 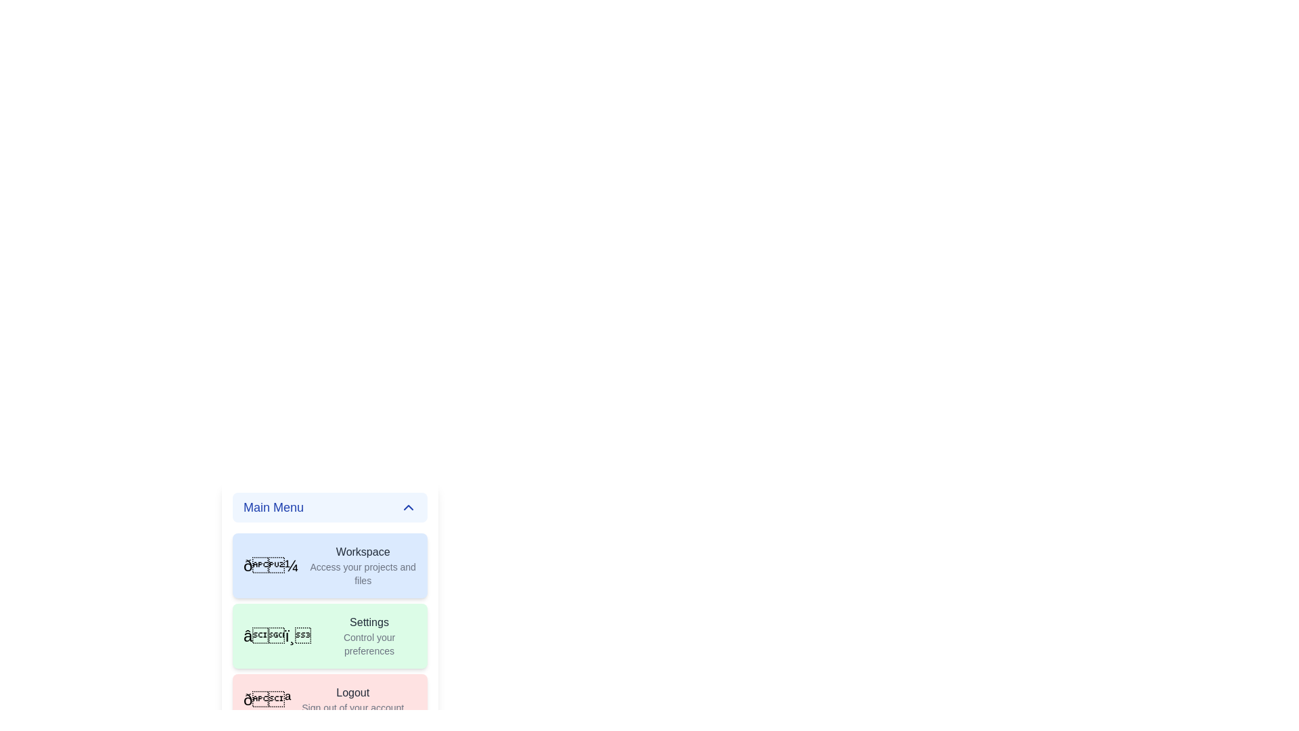 I want to click on the 'Logout' icon located at the bottom section of the menu, so click(x=267, y=699).